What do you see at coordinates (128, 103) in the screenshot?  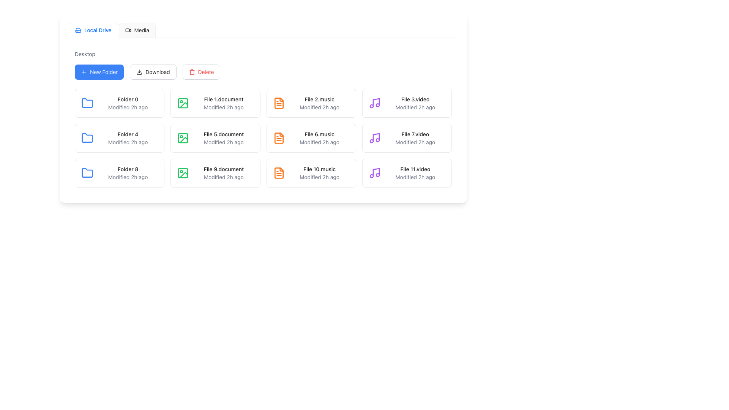 I see `to select the folder item labeled 'Folder 0' in the file explorer interface` at bounding box center [128, 103].